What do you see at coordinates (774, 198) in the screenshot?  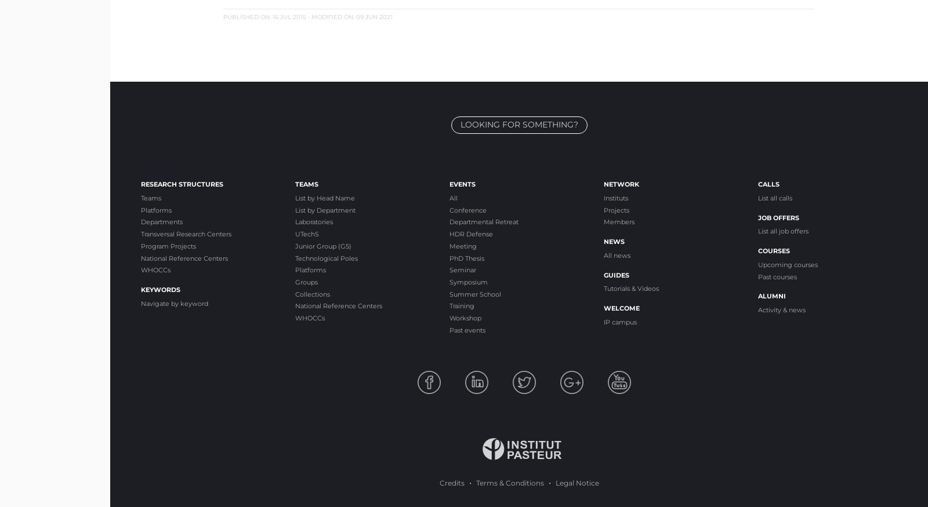 I see `'List all calls'` at bounding box center [774, 198].